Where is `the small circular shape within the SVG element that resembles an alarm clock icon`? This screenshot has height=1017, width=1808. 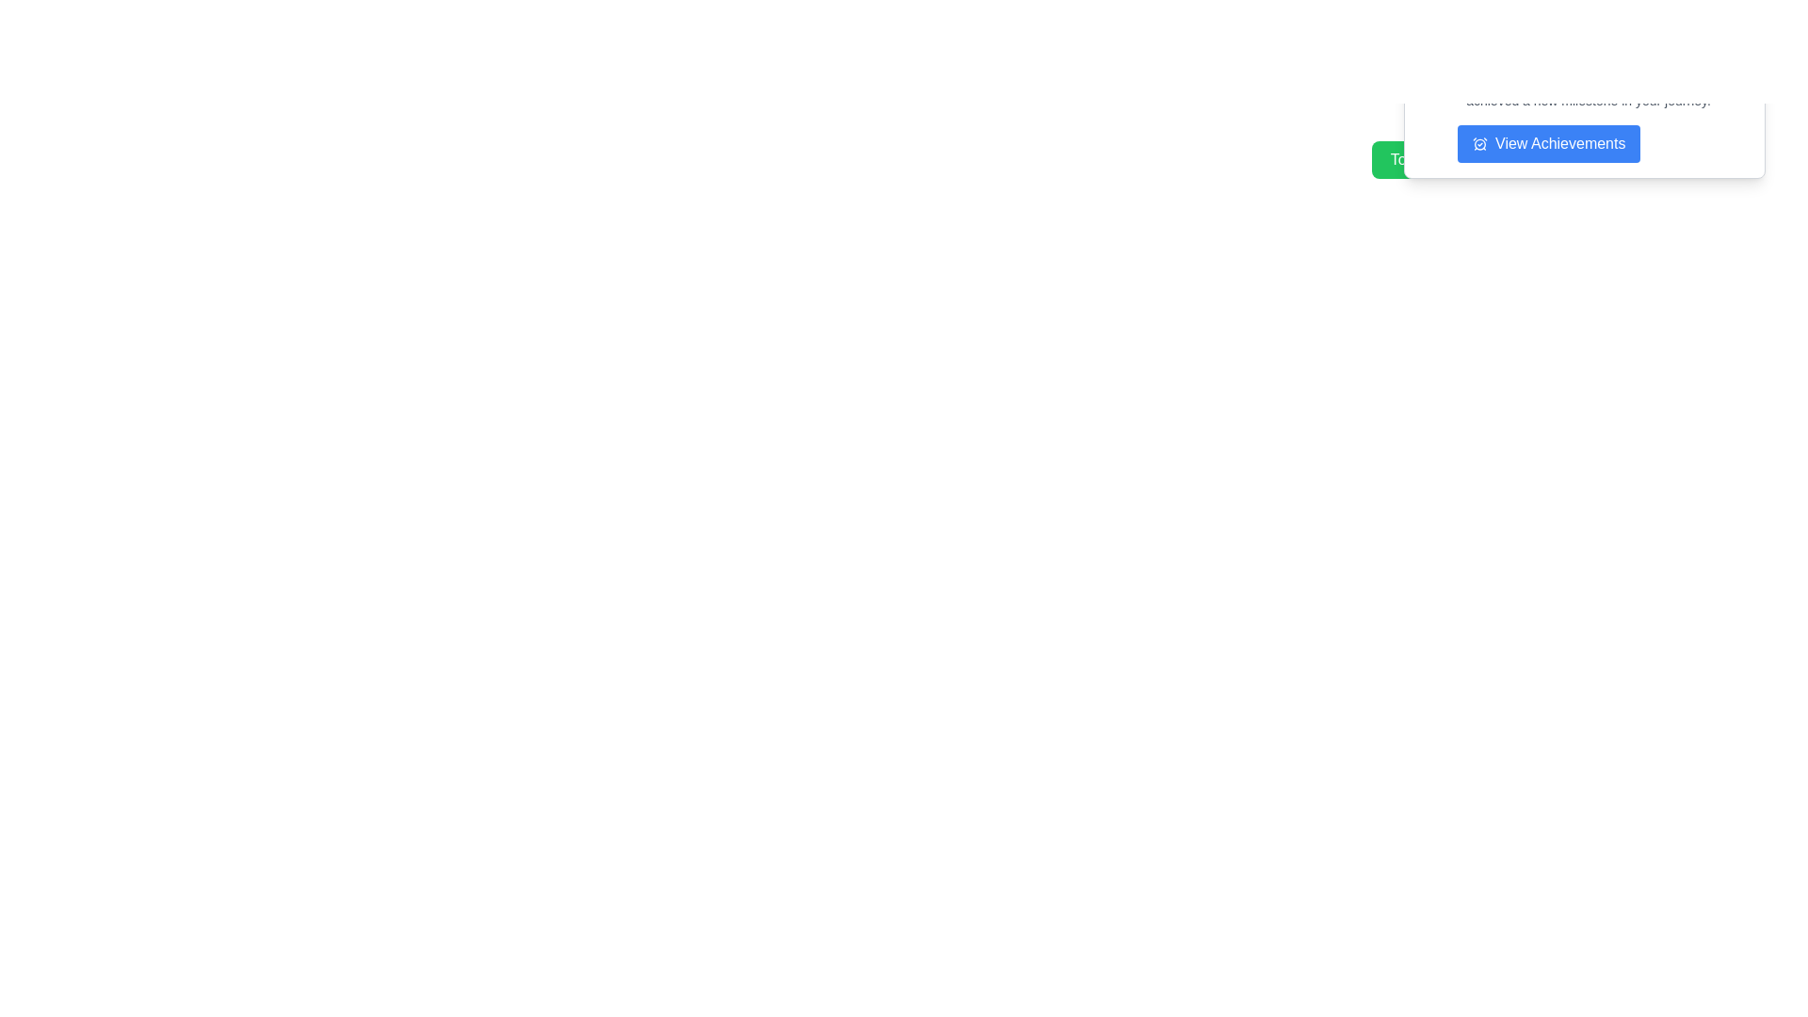 the small circular shape within the SVG element that resembles an alarm clock icon is located at coordinates (1478, 143).